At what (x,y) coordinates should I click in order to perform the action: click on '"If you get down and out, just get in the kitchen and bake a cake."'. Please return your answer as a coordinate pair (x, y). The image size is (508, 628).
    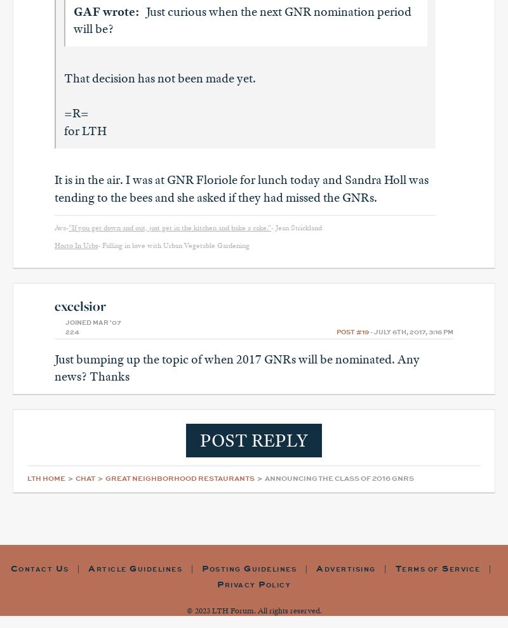
    Looking at the image, I should click on (170, 227).